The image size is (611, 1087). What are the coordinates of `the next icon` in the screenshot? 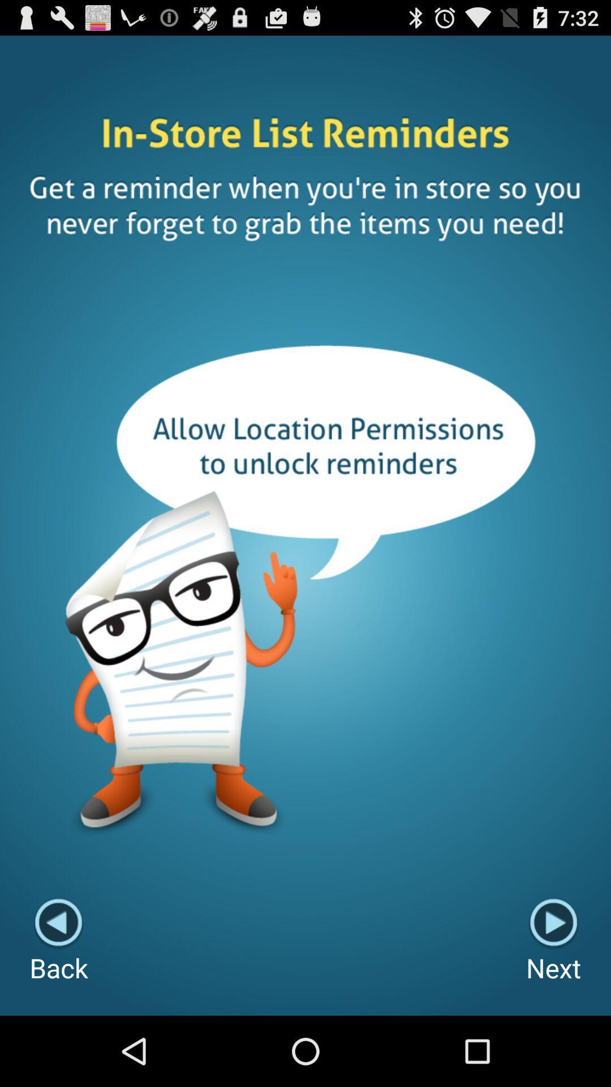 It's located at (553, 942).